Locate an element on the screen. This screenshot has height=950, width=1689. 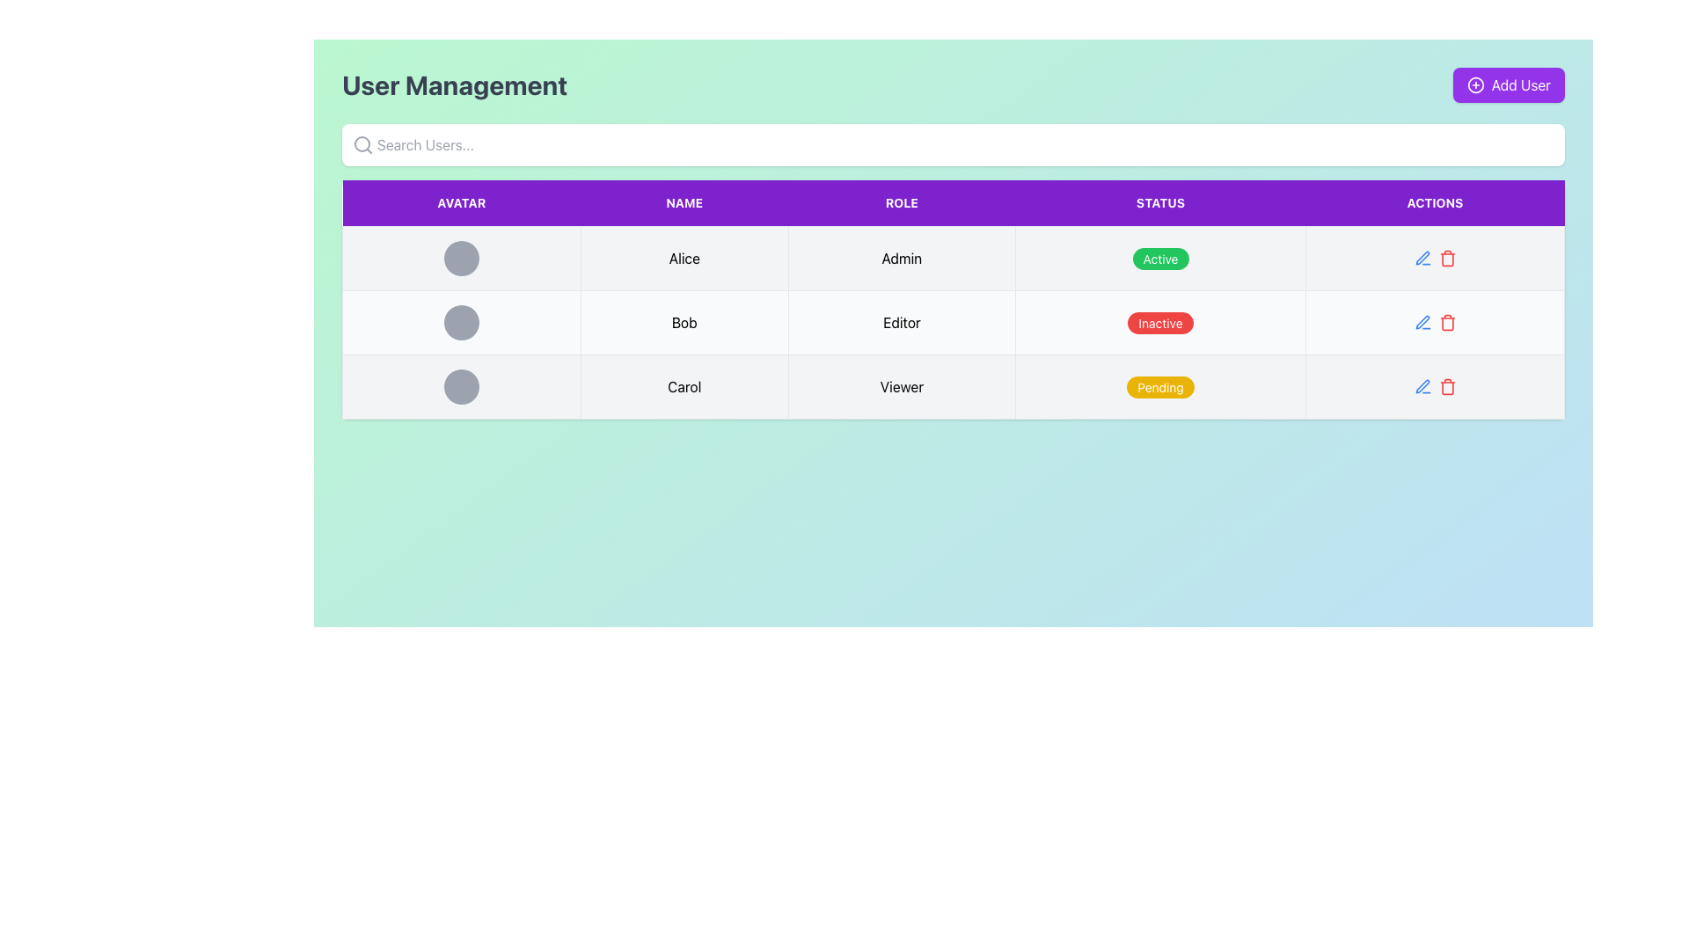
the non-interactive text label displaying the role of the user 'Carol' in the user management interface, located in the third row under the 'Role' column is located at coordinates (902, 385).